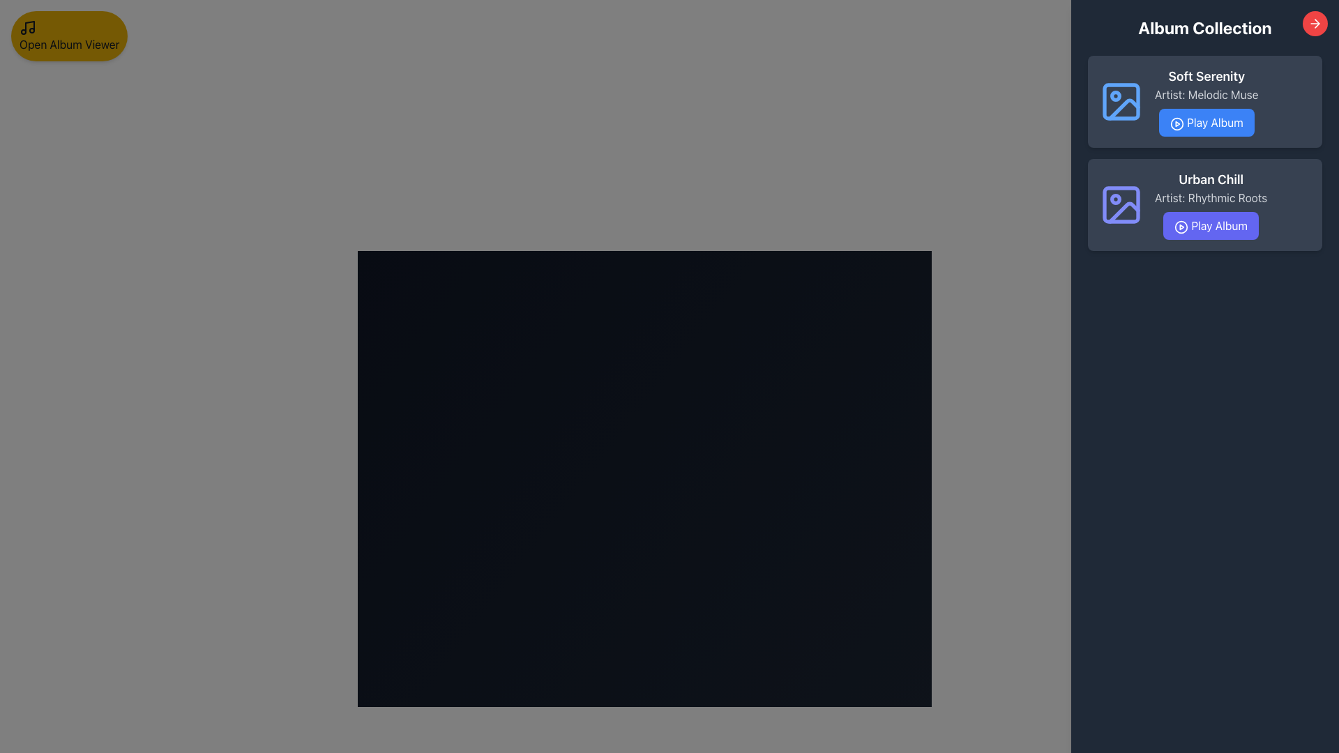 Image resolution: width=1339 pixels, height=753 pixels. Describe the element at coordinates (1206, 77) in the screenshot. I see `the text label displaying 'Soft Serenity' in bold font at the top of the card in the right sidebar` at that location.